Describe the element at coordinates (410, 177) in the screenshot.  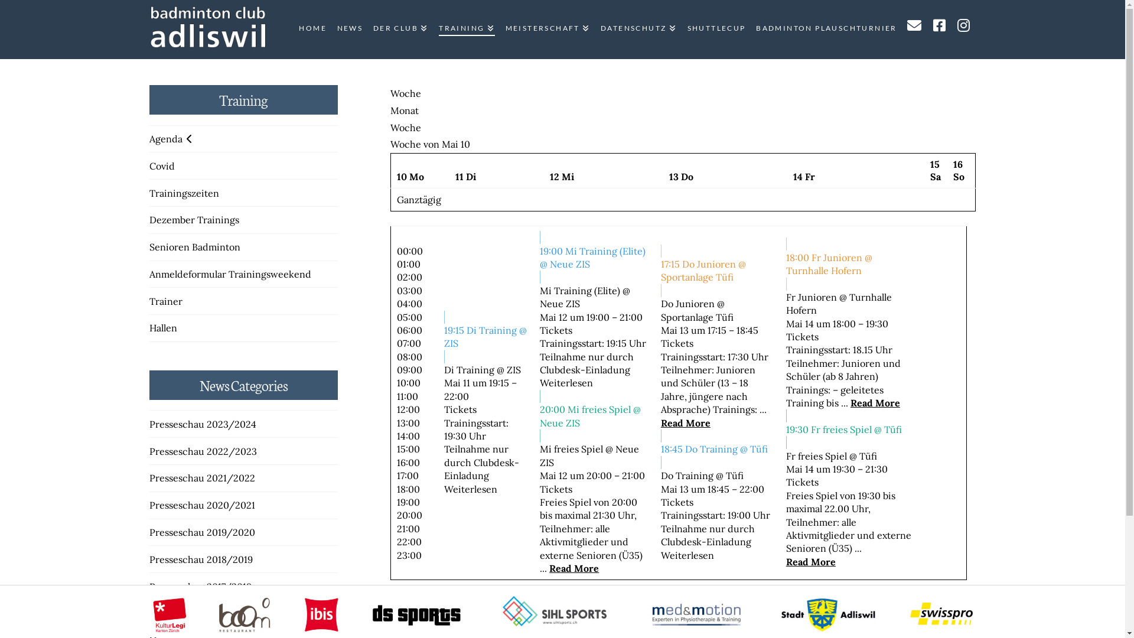
I see `'10 Mo'` at that location.